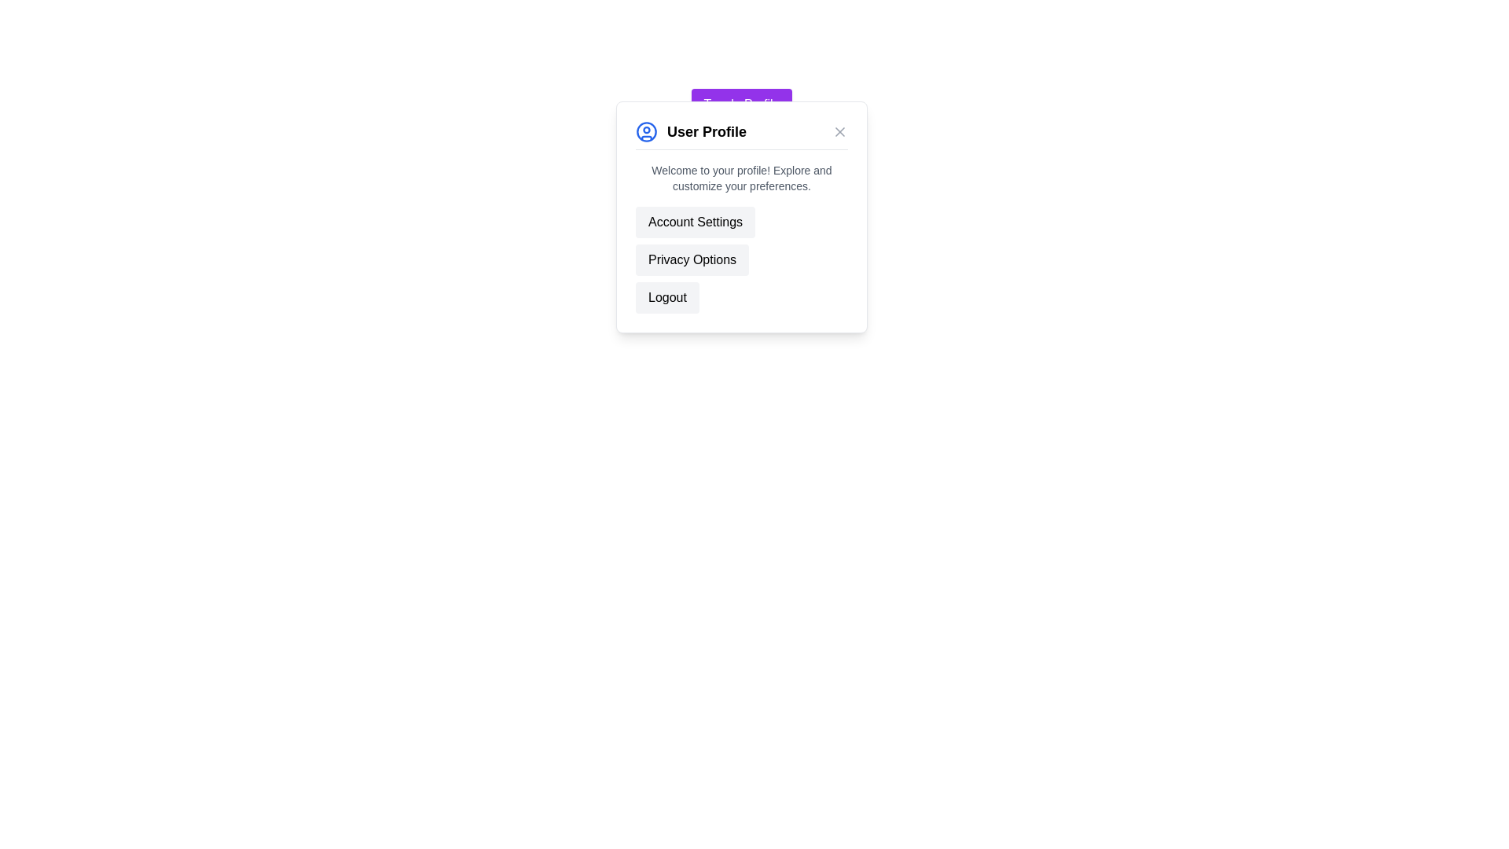  What do you see at coordinates (741, 104) in the screenshot?
I see `the purple button labeled 'Toggle Profile'` at bounding box center [741, 104].